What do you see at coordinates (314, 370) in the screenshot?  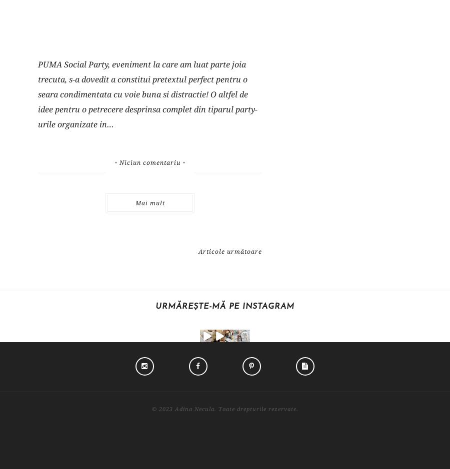 I see `'2141'` at bounding box center [314, 370].